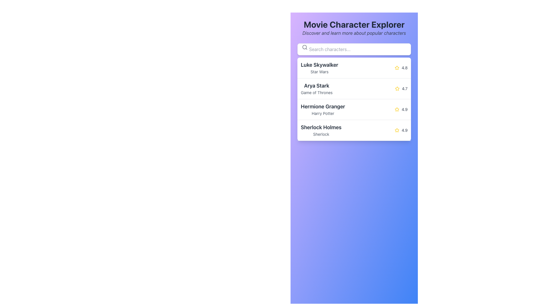 This screenshot has height=308, width=548. I want to click on the text label 'Star Wars' which is styled in gray and located beneath 'Luke Skywalker' in the list, so click(319, 71).